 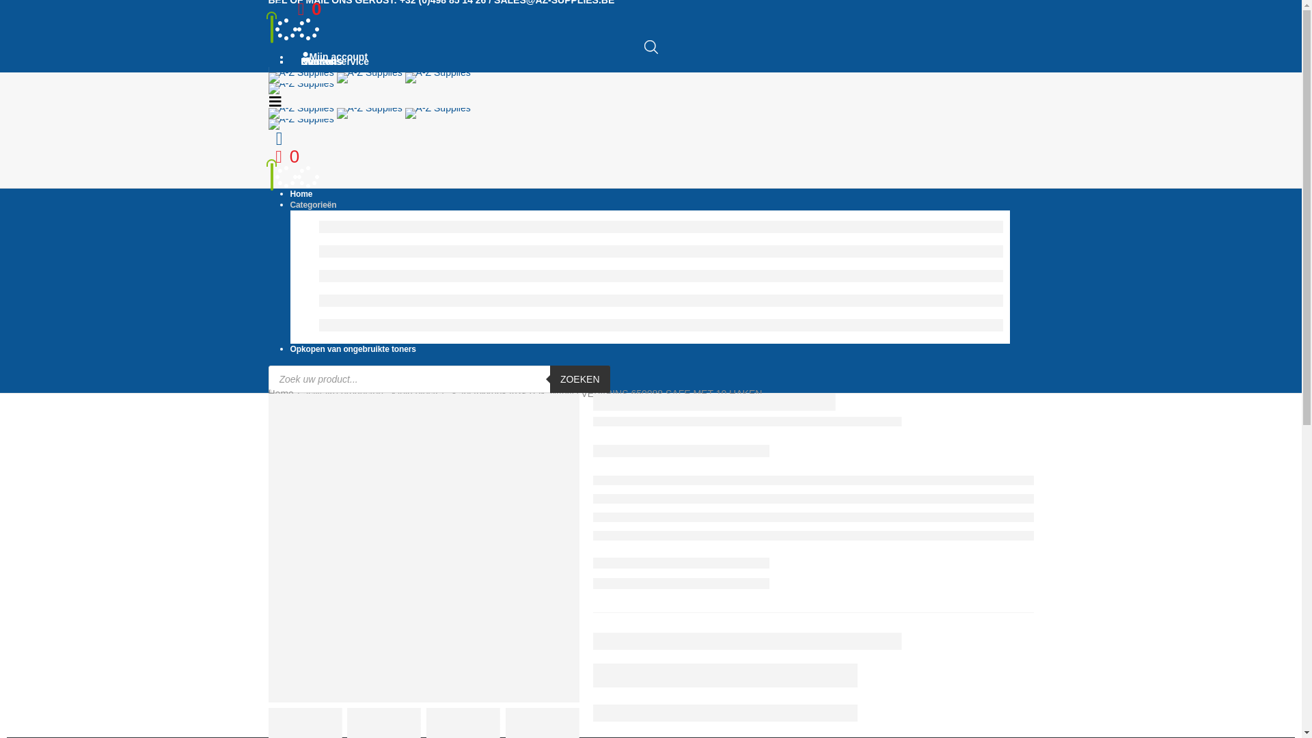 What do you see at coordinates (368, 118) in the screenshot?
I see `'A-Z Supplies - '` at bounding box center [368, 118].